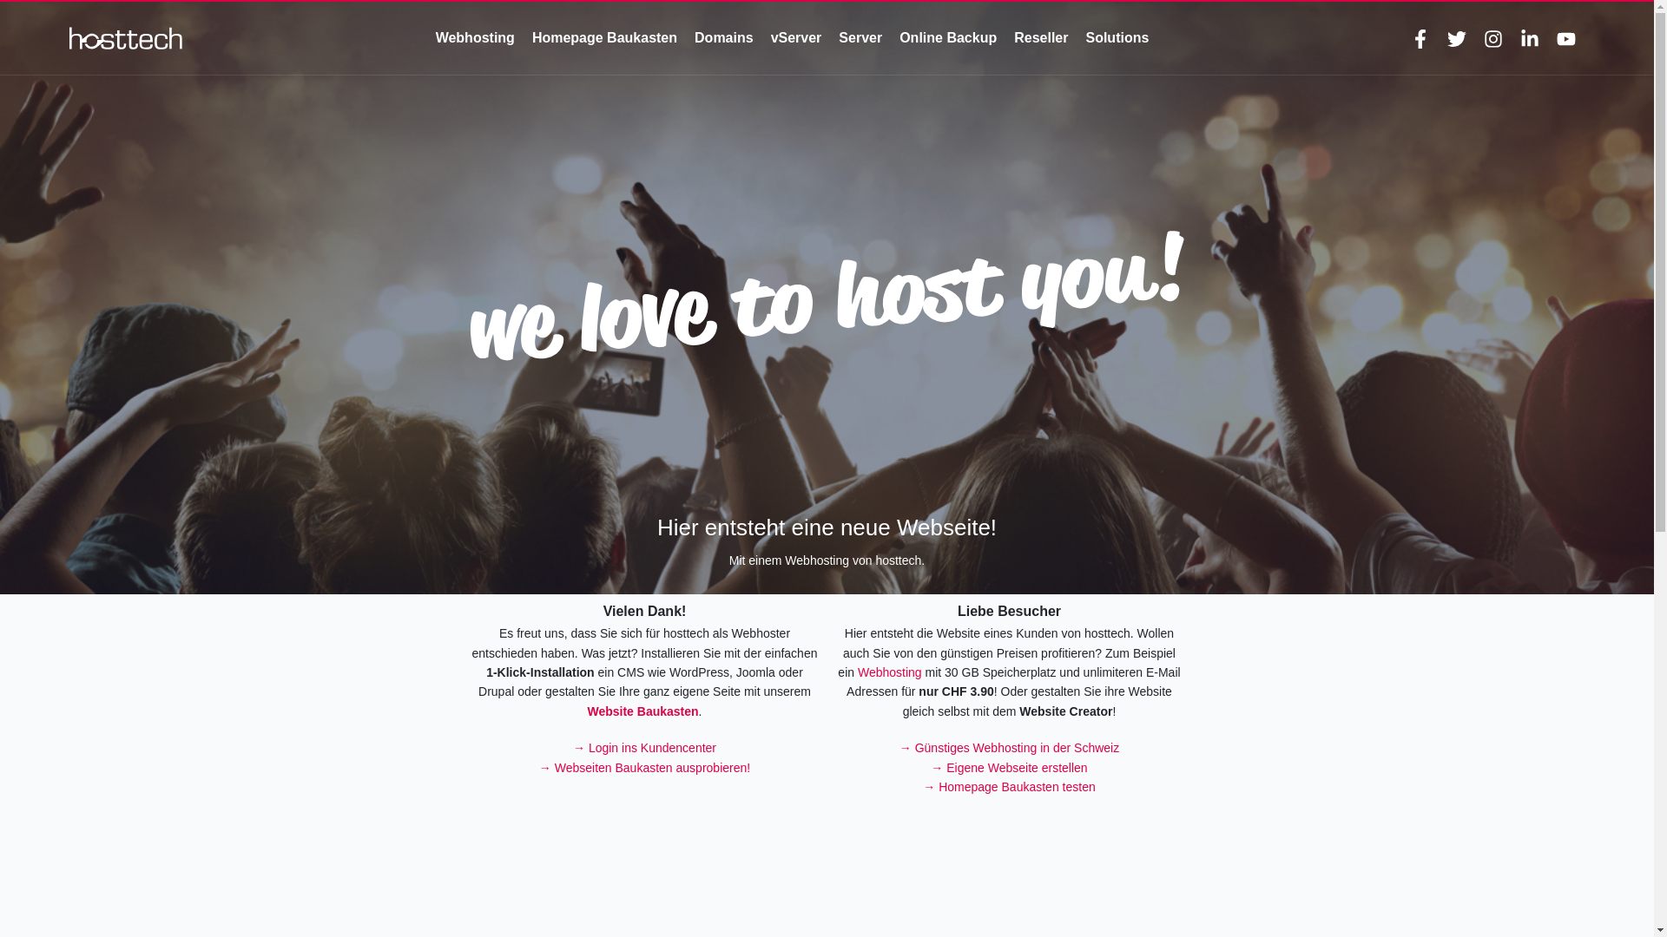 The image size is (1667, 937). I want to click on 'Solutions', so click(1117, 37).